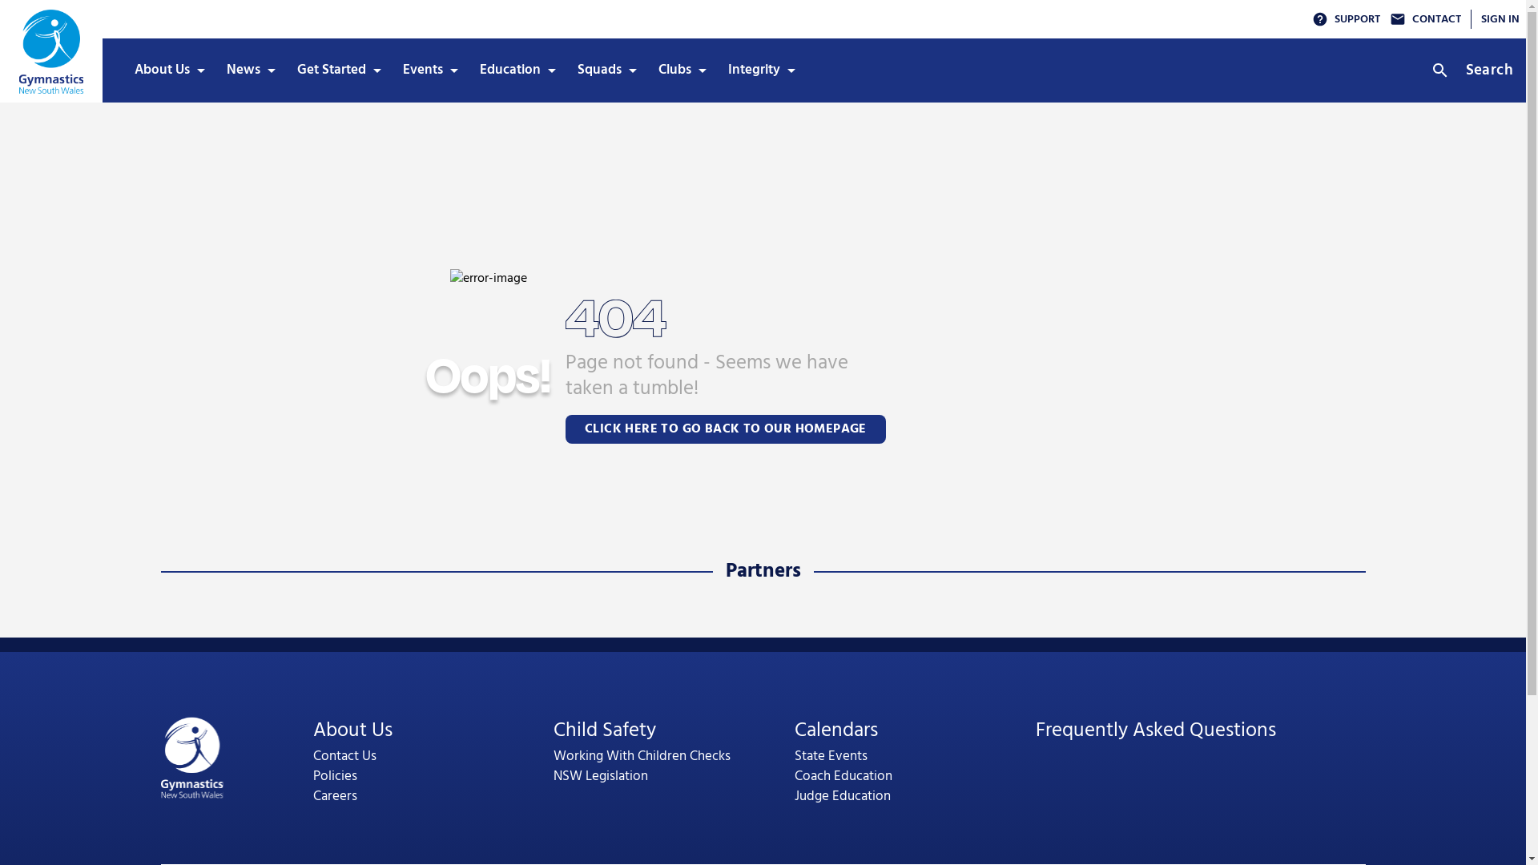 The width and height of the screenshot is (1538, 865). Describe the element at coordinates (603, 730) in the screenshot. I see `'Child Safety'` at that location.